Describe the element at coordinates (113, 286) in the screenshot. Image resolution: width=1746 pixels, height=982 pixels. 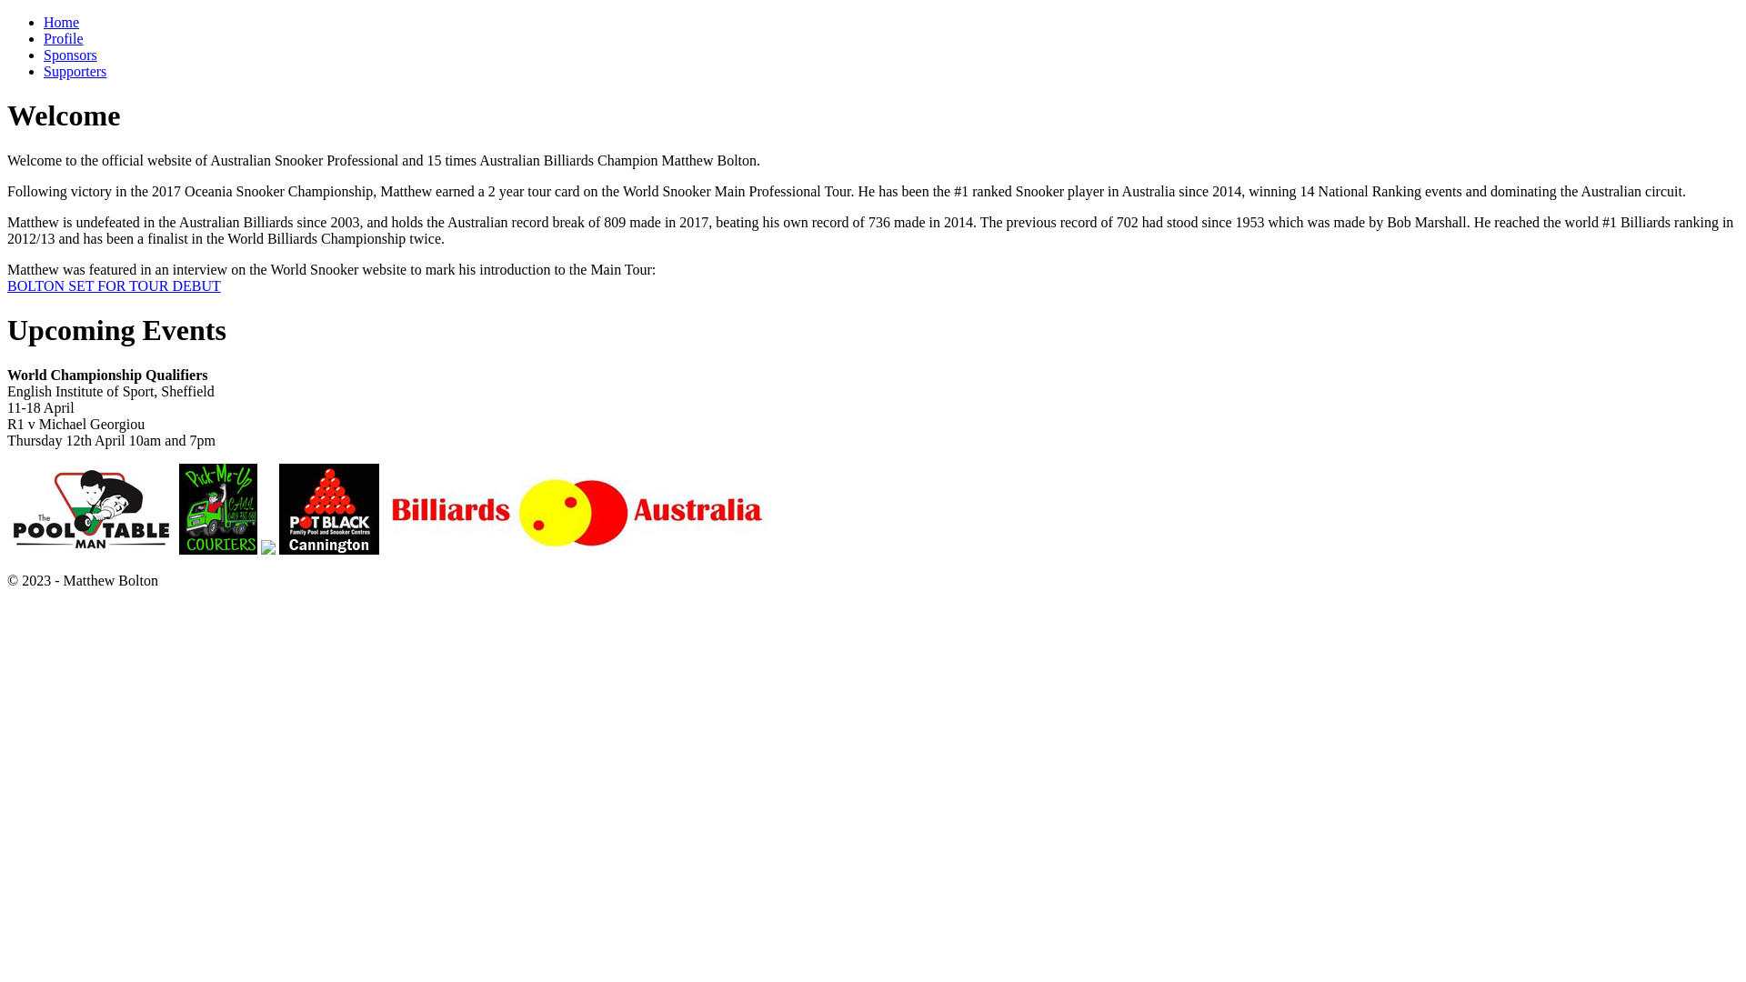
I see `'BOLTON SET FOR TOUR DEBUT'` at that location.